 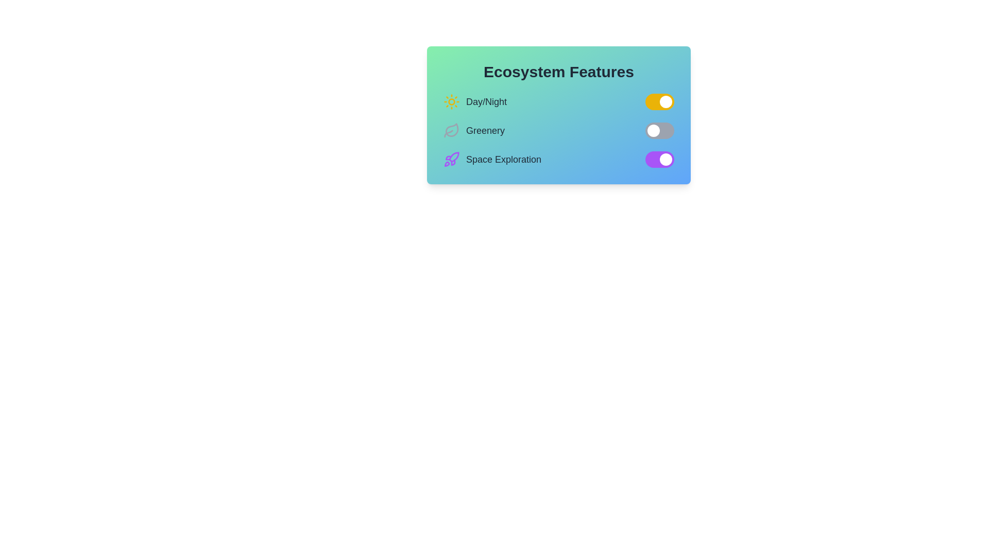 What do you see at coordinates (653, 130) in the screenshot?
I see `the white circular toggle knob of the middle toggle switch` at bounding box center [653, 130].